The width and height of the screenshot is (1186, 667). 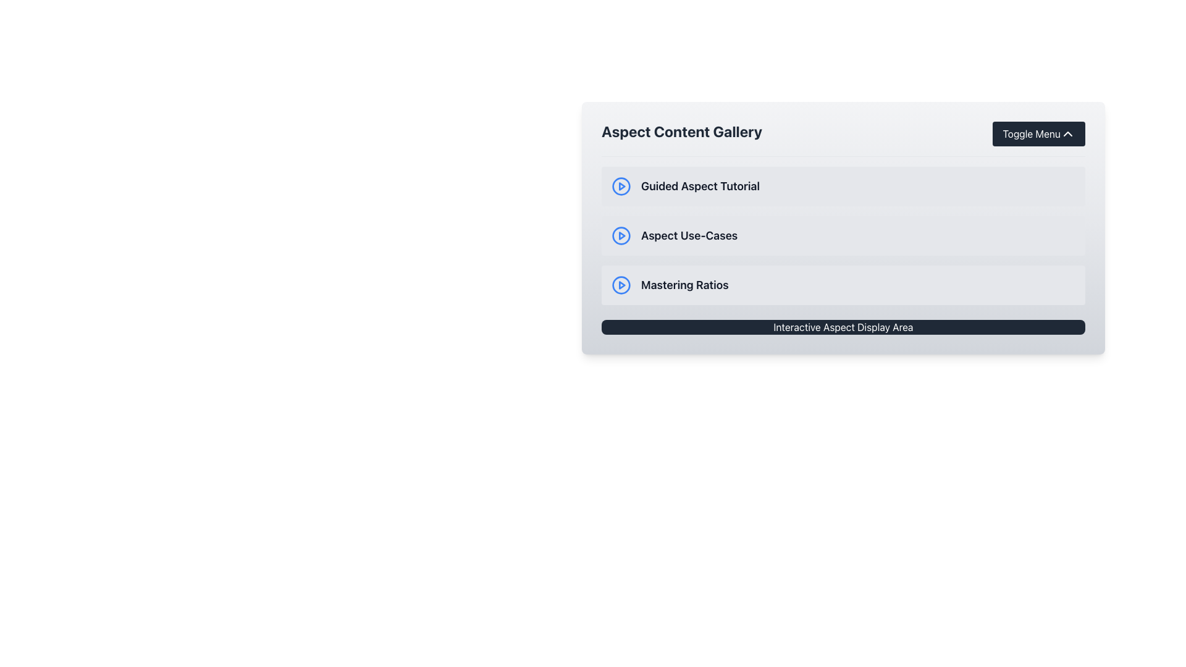 What do you see at coordinates (843, 235) in the screenshot?
I see `the second item 'Aspect Use-Cases' in the group of interactive list items located centrally below the title 'Aspect Content Gallery'` at bounding box center [843, 235].